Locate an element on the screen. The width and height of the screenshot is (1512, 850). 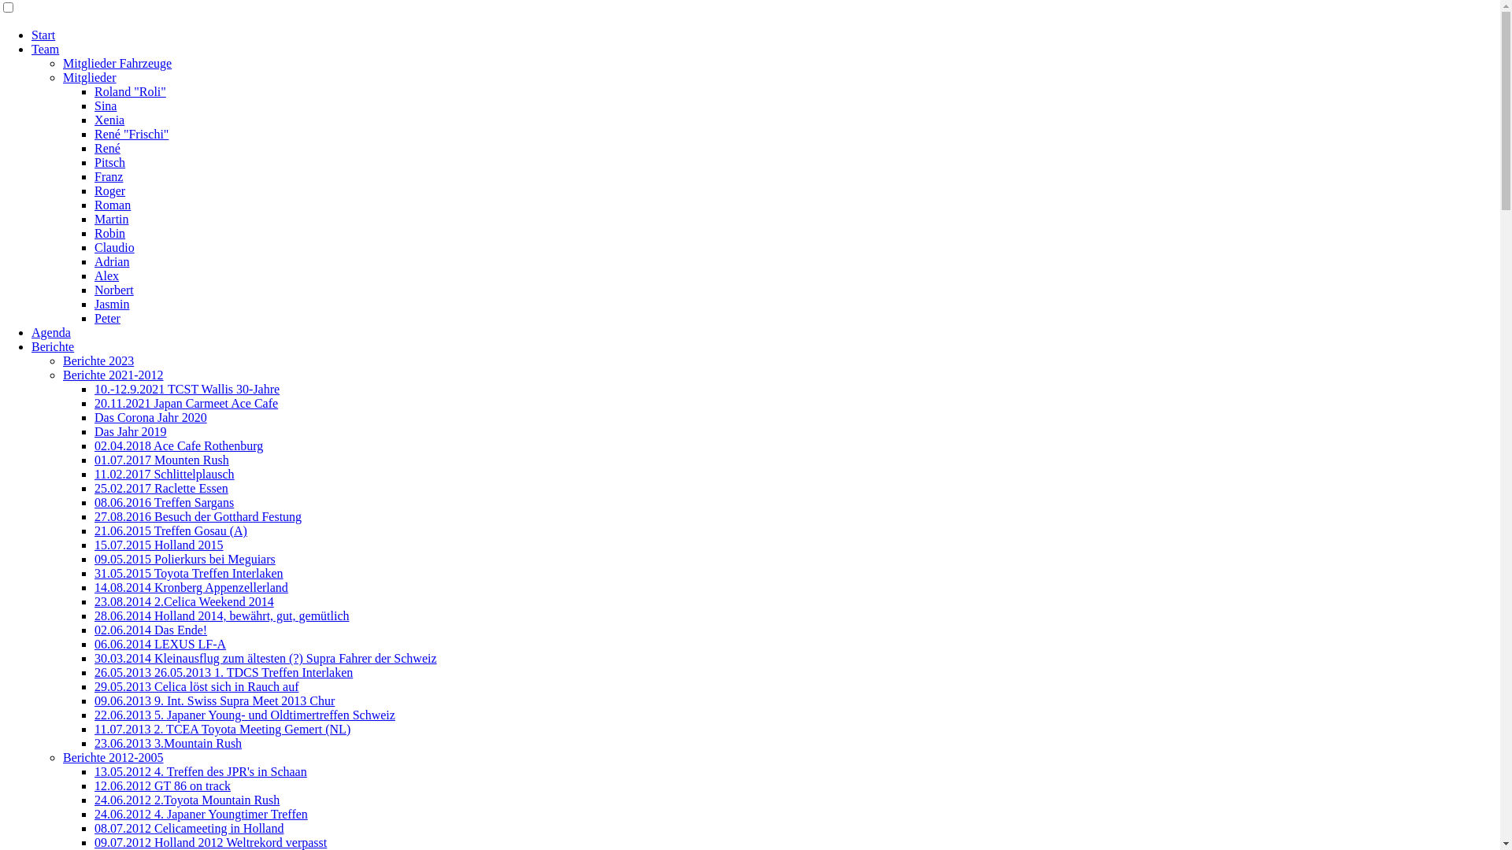
'25.02.2017 Raclette Essen' is located at coordinates (161, 487).